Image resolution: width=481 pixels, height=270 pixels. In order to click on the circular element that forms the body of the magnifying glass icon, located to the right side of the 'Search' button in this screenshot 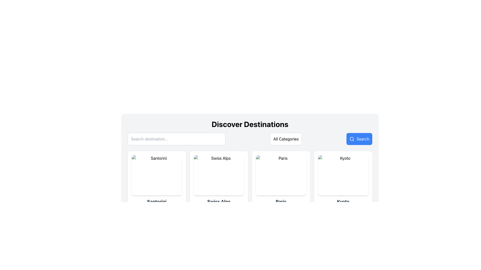, I will do `click(351, 139)`.